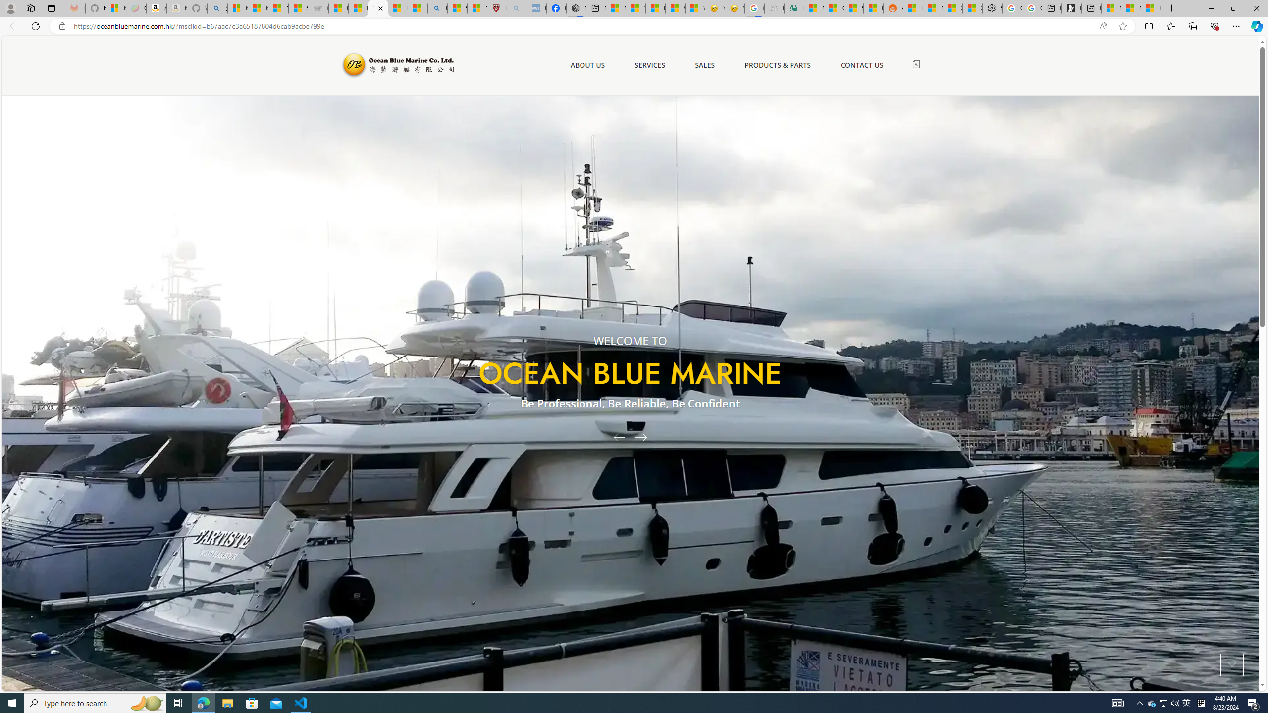  I want to click on 'Stocks - MSN', so click(852, 8).